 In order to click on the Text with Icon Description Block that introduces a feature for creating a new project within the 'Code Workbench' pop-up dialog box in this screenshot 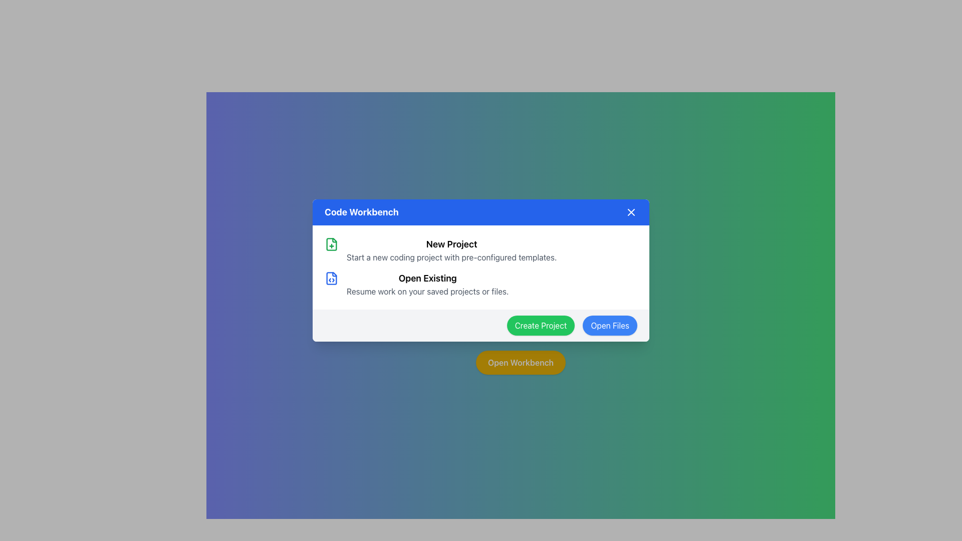, I will do `click(481, 250)`.